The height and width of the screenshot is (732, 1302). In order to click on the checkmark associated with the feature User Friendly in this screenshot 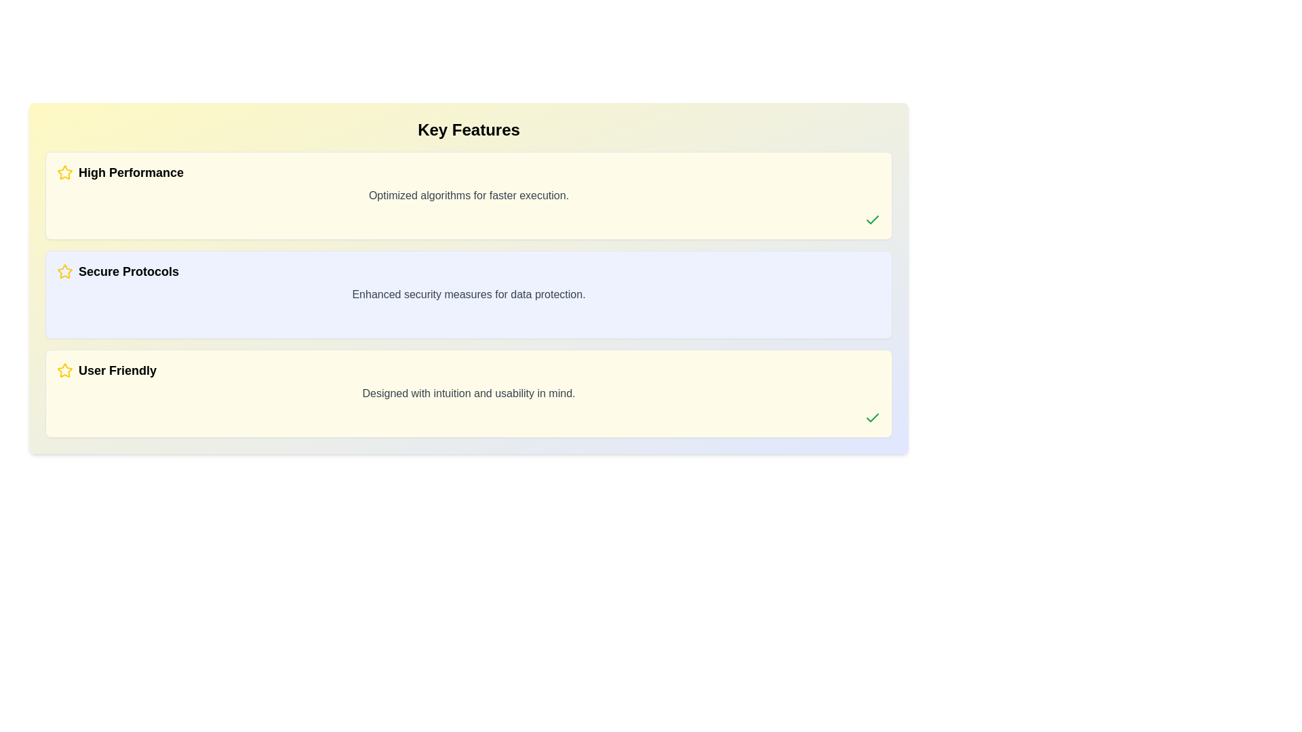, I will do `click(872, 418)`.